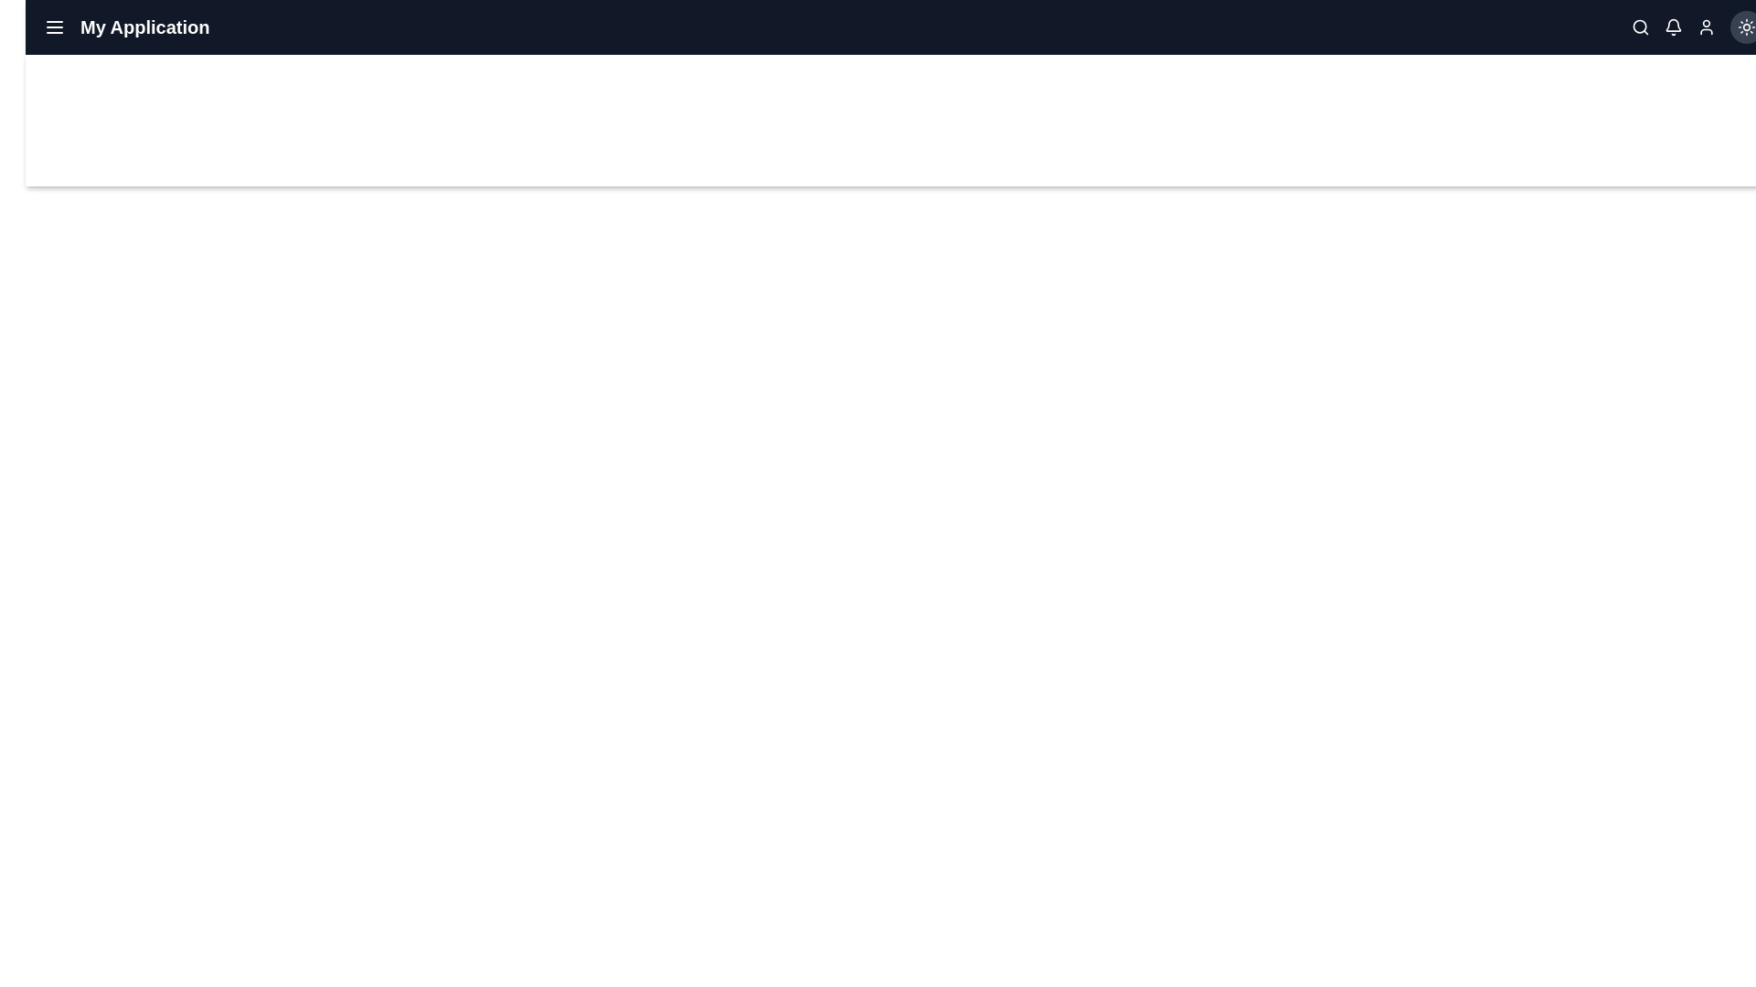 The height and width of the screenshot is (987, 1756). I want to click on the notification icon (bell icon) located between the search icon and the user profile icon, so click(1673, 27).